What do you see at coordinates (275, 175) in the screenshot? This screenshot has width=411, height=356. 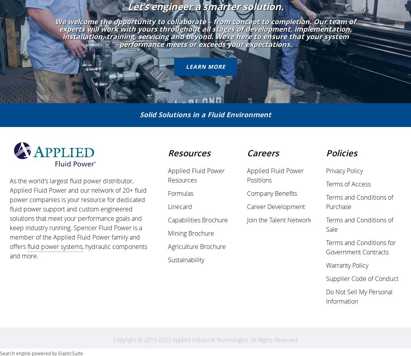 I see `'Applied Fluid Power Positions'` at bounding box center [275, 175].